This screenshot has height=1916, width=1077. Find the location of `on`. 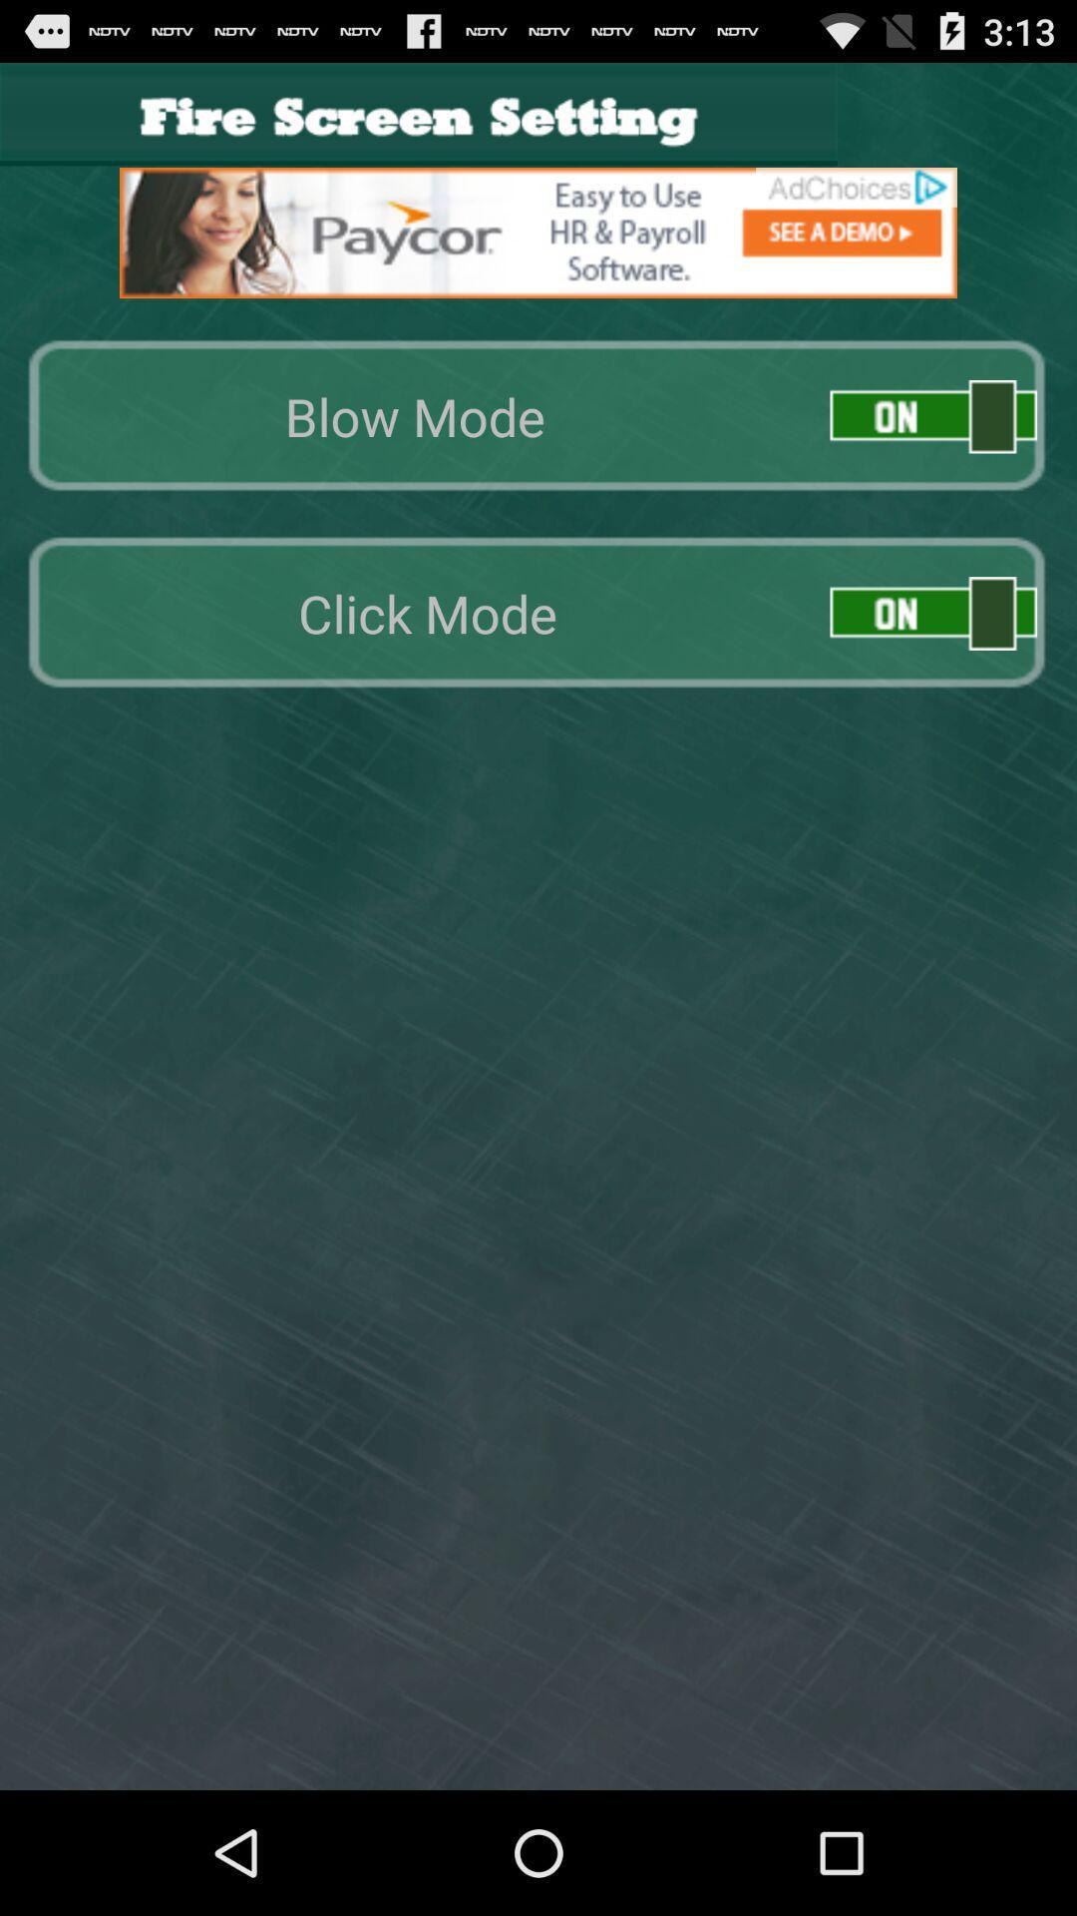

on is located at coordinates (933, 415).